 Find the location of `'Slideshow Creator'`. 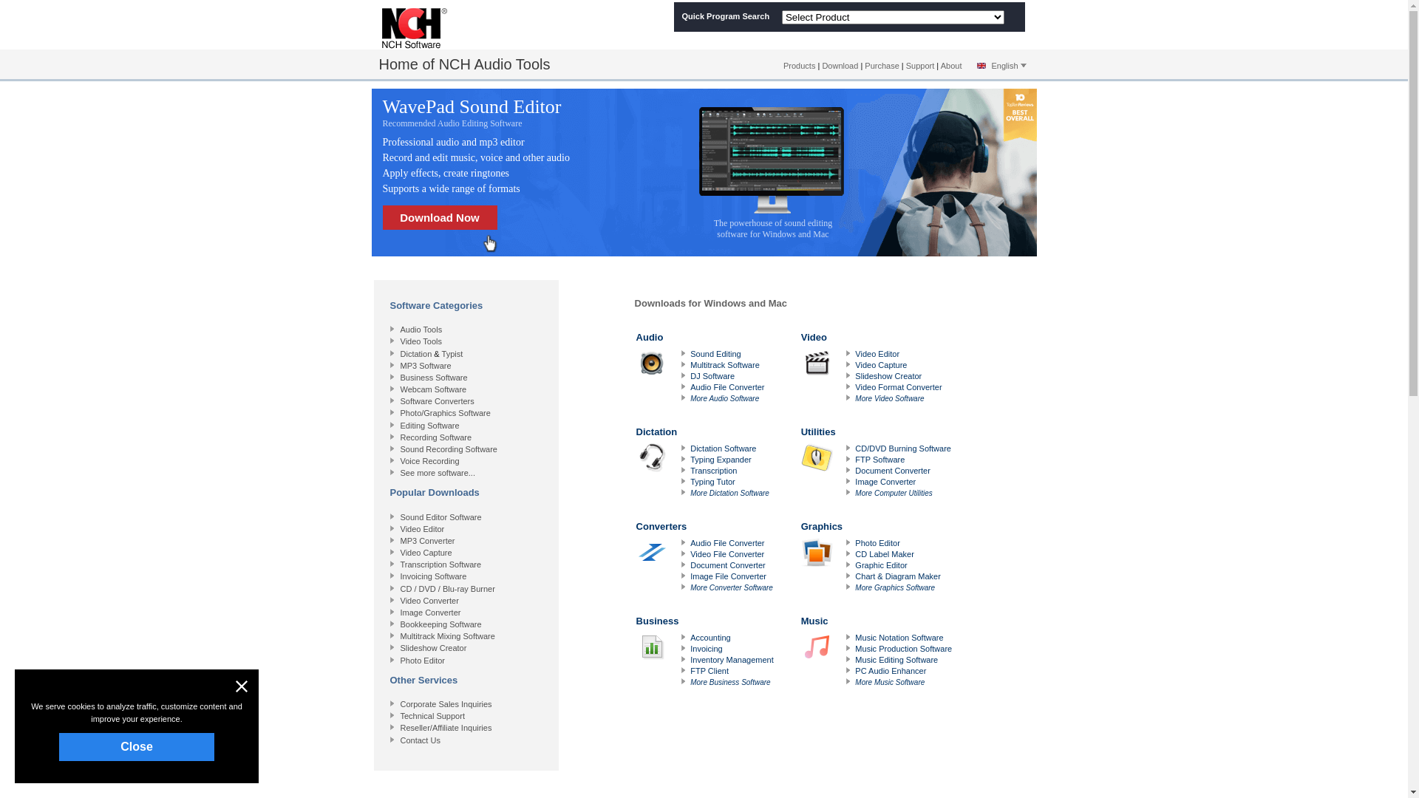

'Slideshow Creator' is located at coordinates (432, 647).